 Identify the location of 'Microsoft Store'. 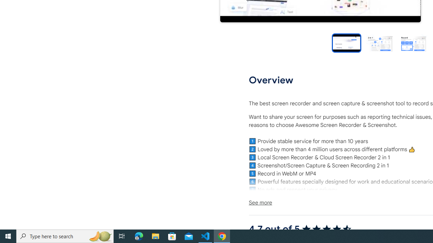
(172, 236).